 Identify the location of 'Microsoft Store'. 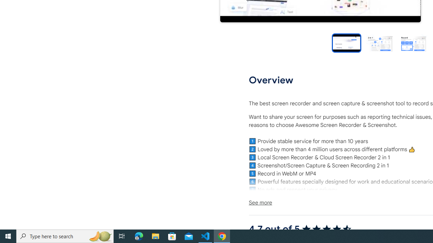
(172, 236).